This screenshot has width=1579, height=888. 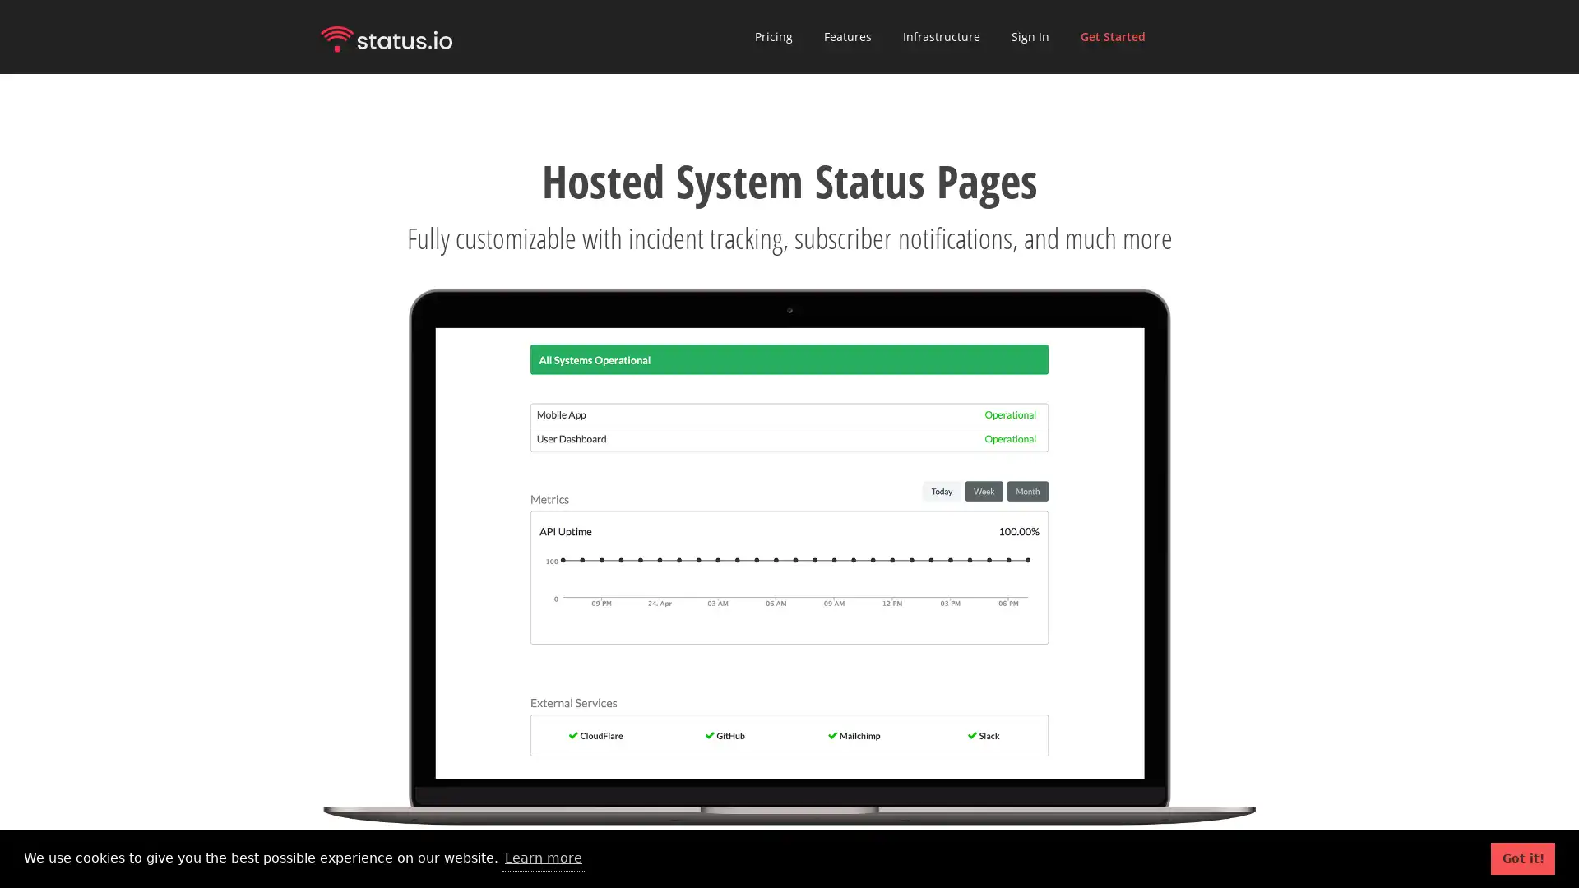 I want to click on dismiss cookie message, so click(x=1522, y=858).